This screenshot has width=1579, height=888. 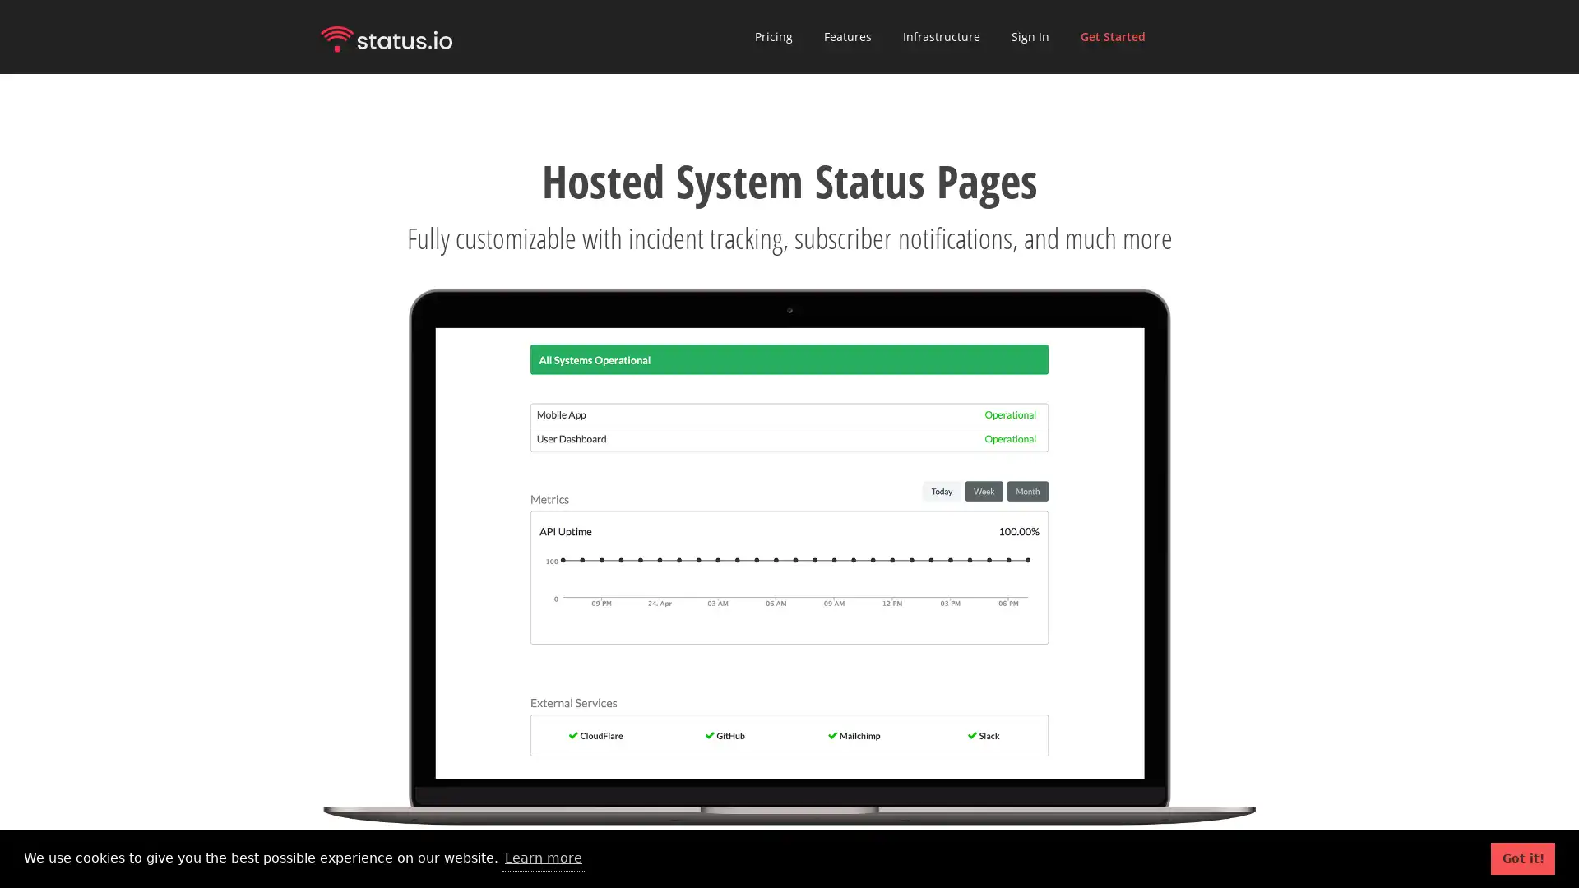 I want to click on dismiss cookie message, so click(x=1522, y=858).